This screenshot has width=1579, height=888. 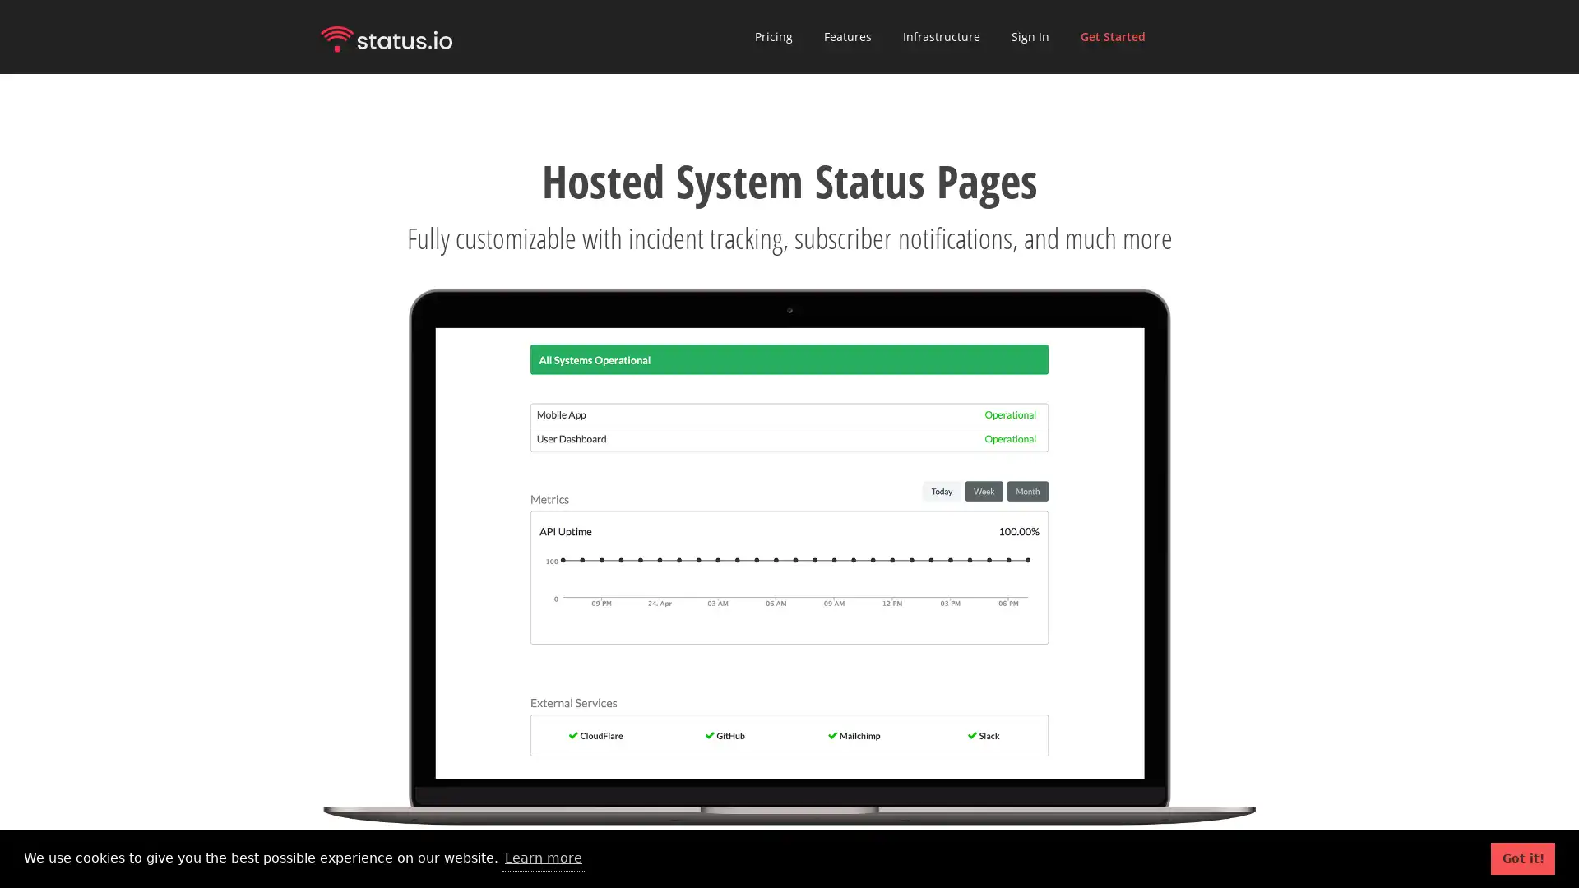 I want to click on dismiss cookie message, so click(x=1522, y=858).